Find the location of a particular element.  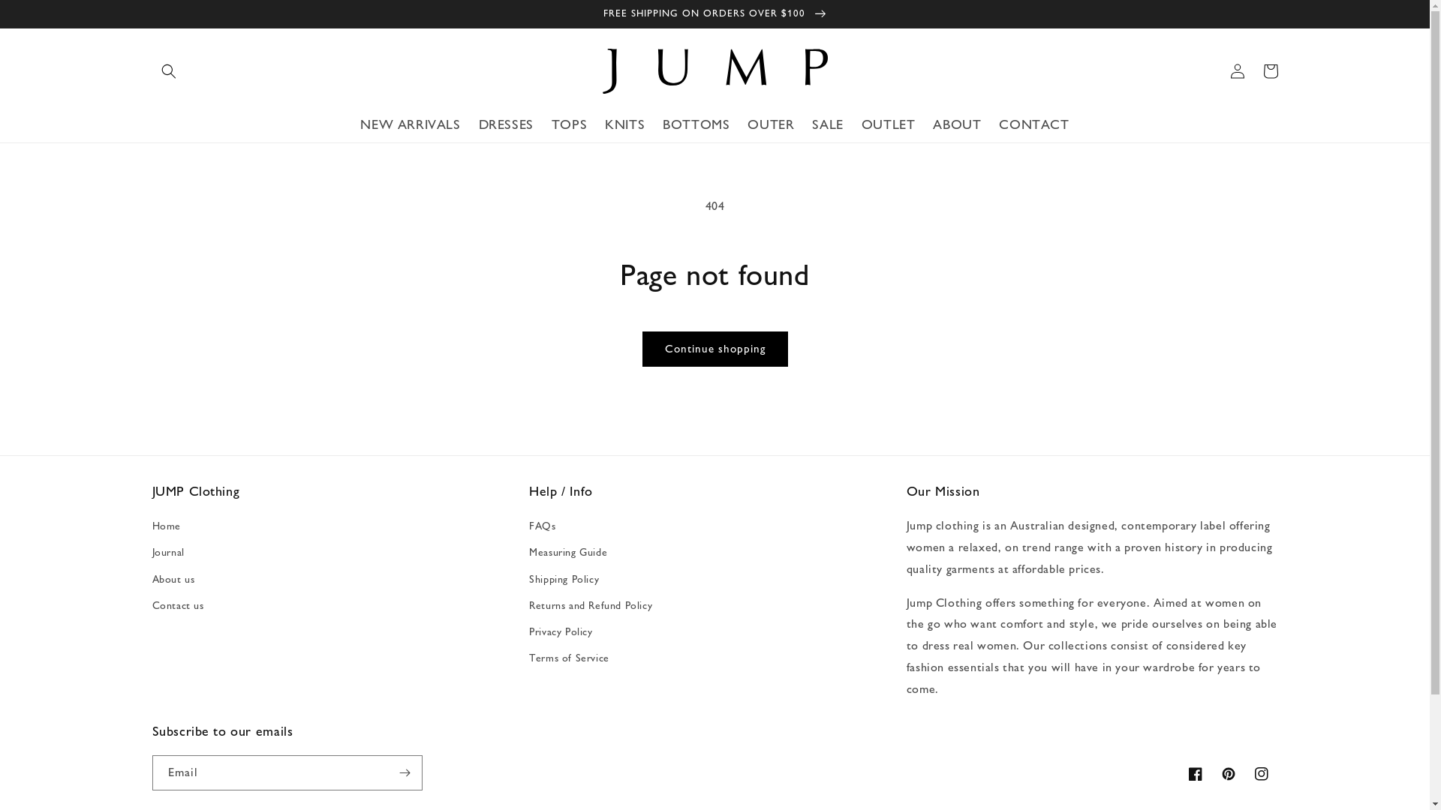

'Contact us' is located at coordinates (151, 604).